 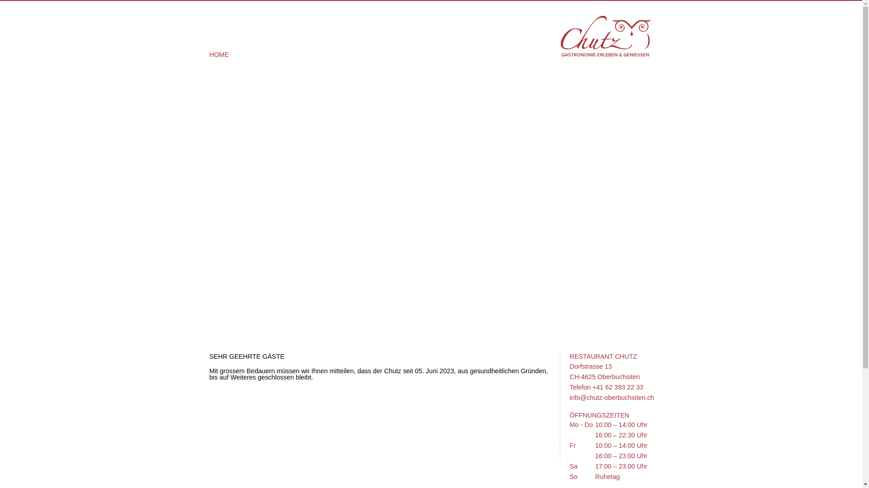 I want to click on '+41 62 393 22 33', so click(x=617, y=386).